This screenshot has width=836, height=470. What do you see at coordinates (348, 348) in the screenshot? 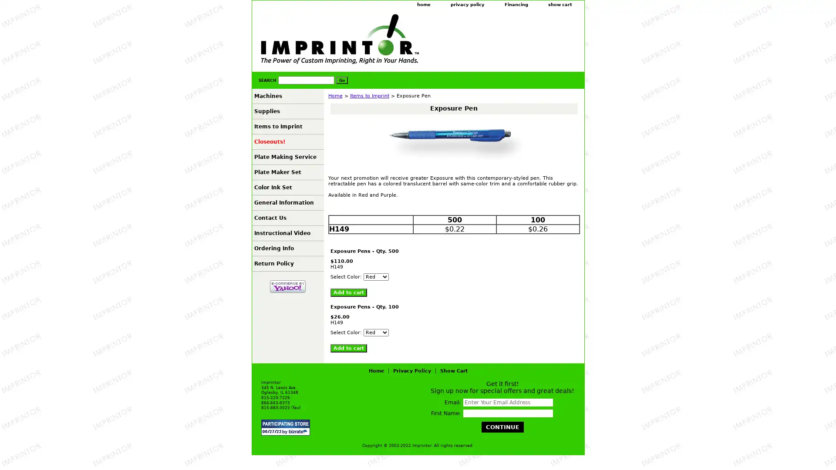
I see `Add to cart` at bounding box center [348, 348].